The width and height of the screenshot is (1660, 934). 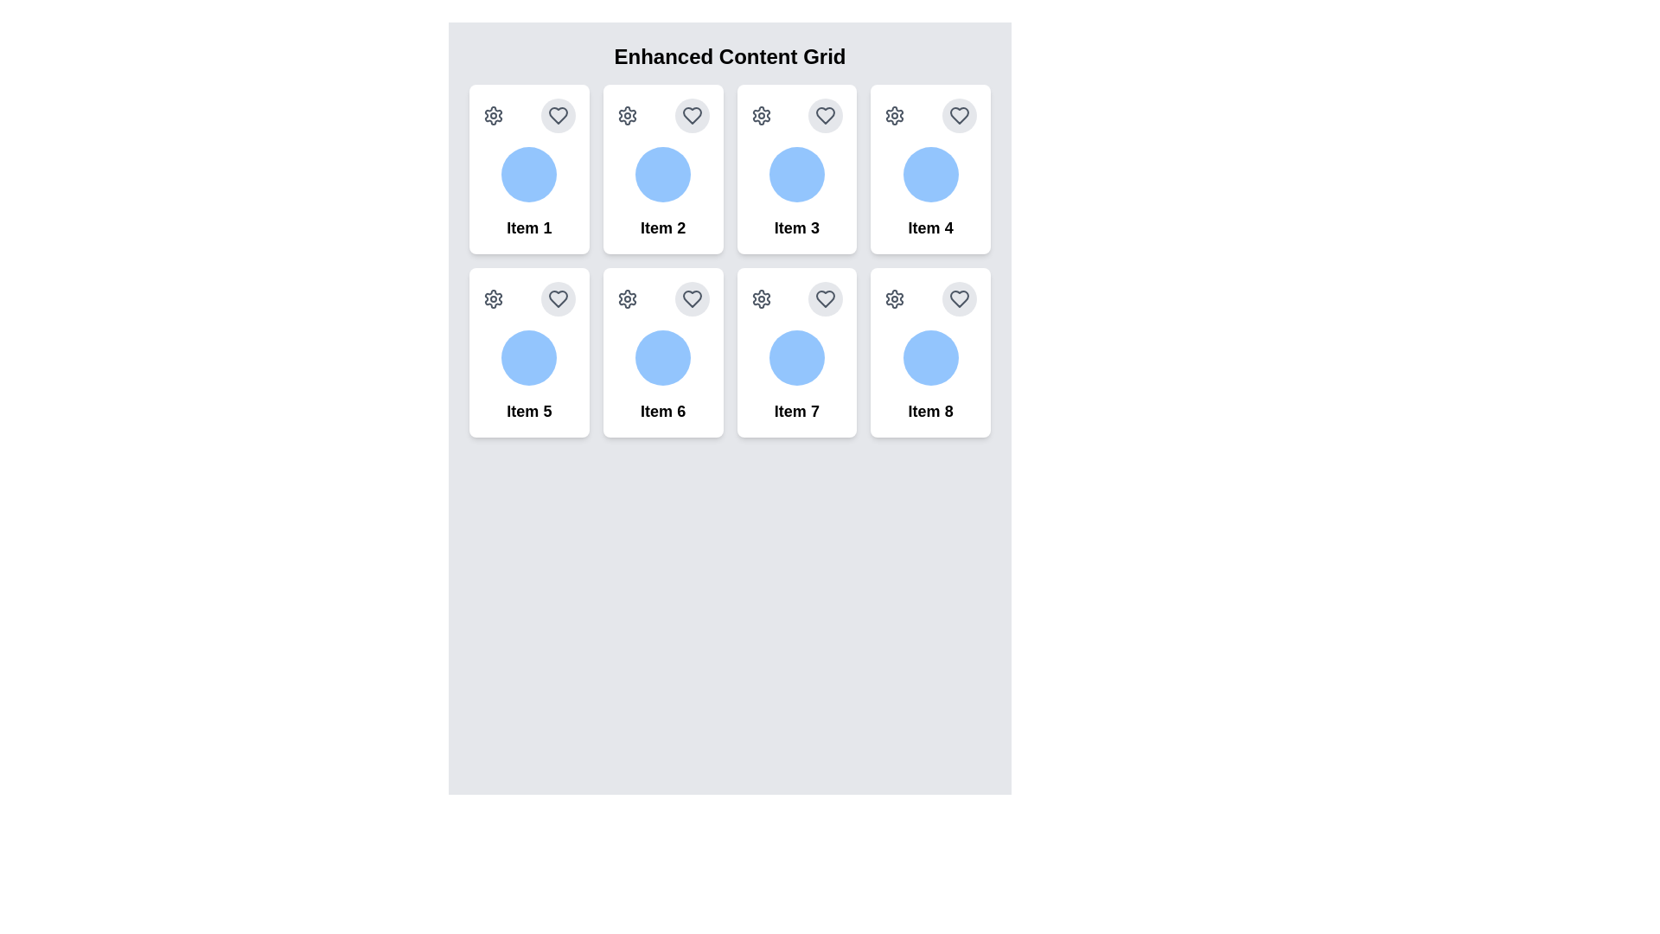 I want to click on the heart icon located at the top right corner of the first card under 'Enhanced Content Grid' to favorite the item, so click(x=558, y=116).